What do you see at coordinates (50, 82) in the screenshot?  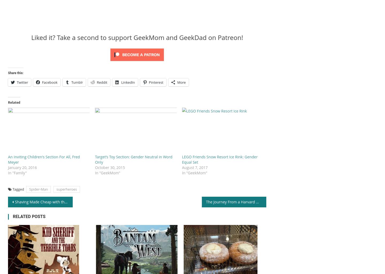 I see `'Facebook'` at bounding box center [50, 82].